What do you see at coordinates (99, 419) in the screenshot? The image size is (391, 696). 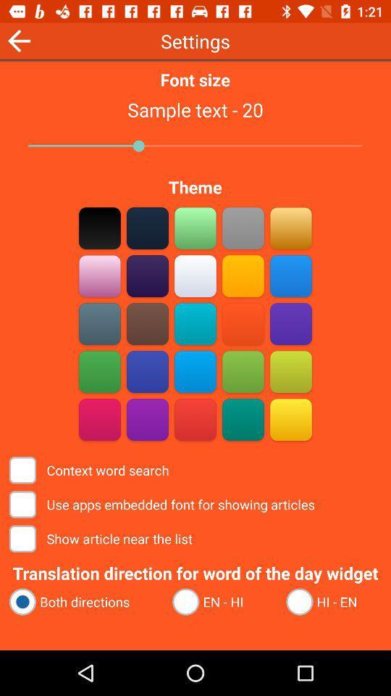 I see `choose the color for your theme` at bounding box center [99, 419].